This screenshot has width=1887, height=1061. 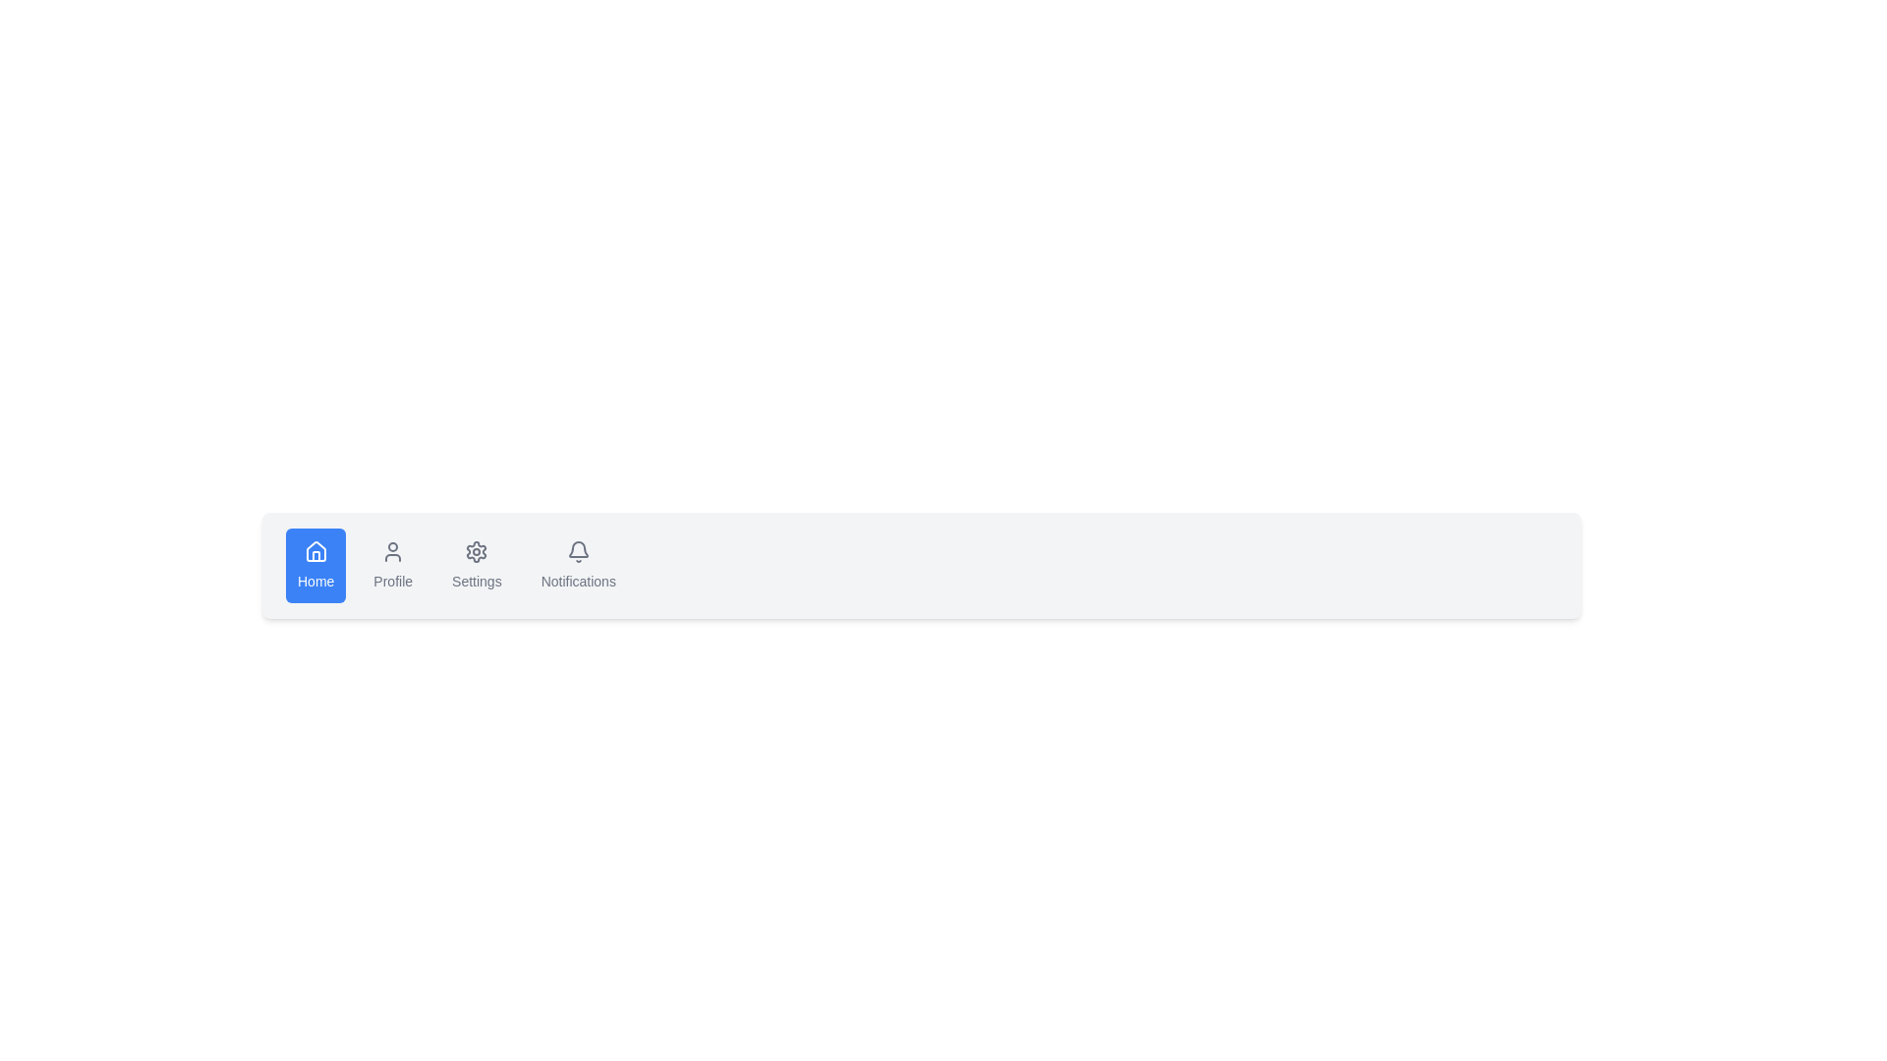 I want to click on the 'Home' icon in the bottom navigation bar, which serves as a visual cue for users to navigate to the homepage, so click(x=315, y=551).